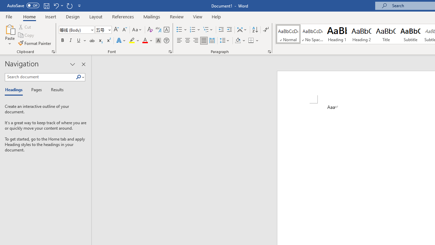  What do you see at coordinates (238, 40) in the screenshot?
I see `'Shading RGB(0, 0, 0)'` at bounding box center [238, 40].